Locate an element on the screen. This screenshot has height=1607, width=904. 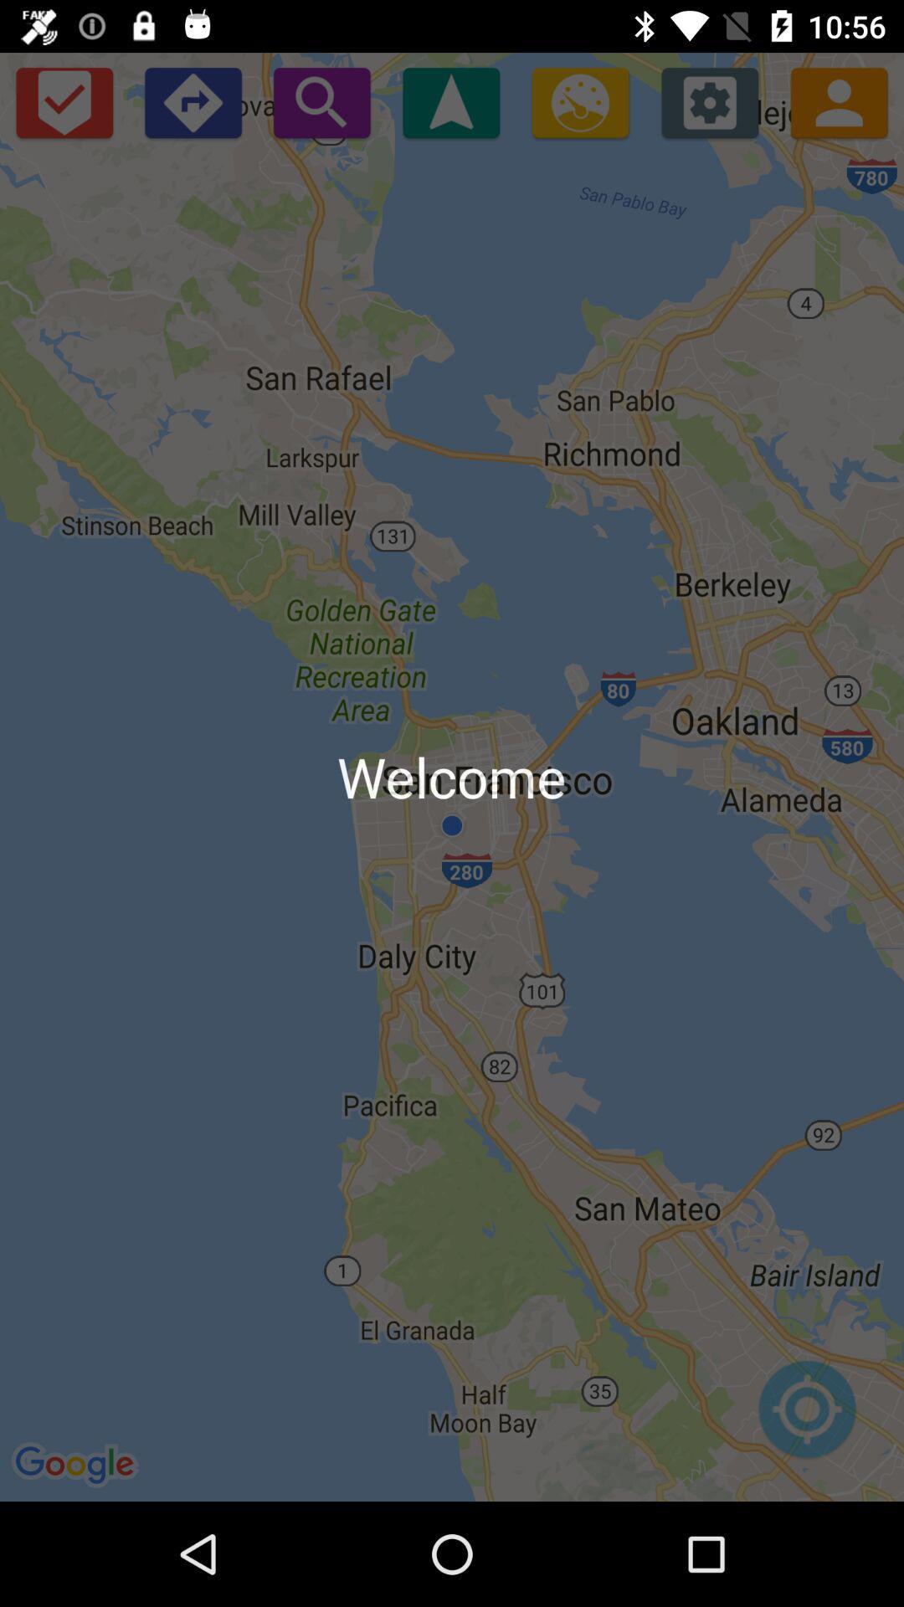
the avatar icon is located at coordinates (839, 101).